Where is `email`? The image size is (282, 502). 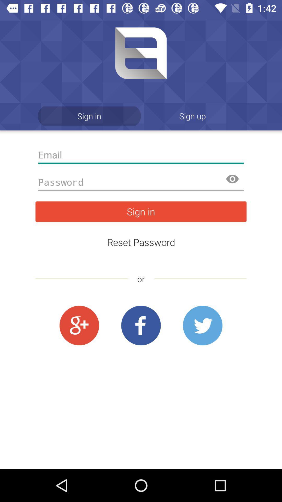 email is located at coordinates (141, 155).